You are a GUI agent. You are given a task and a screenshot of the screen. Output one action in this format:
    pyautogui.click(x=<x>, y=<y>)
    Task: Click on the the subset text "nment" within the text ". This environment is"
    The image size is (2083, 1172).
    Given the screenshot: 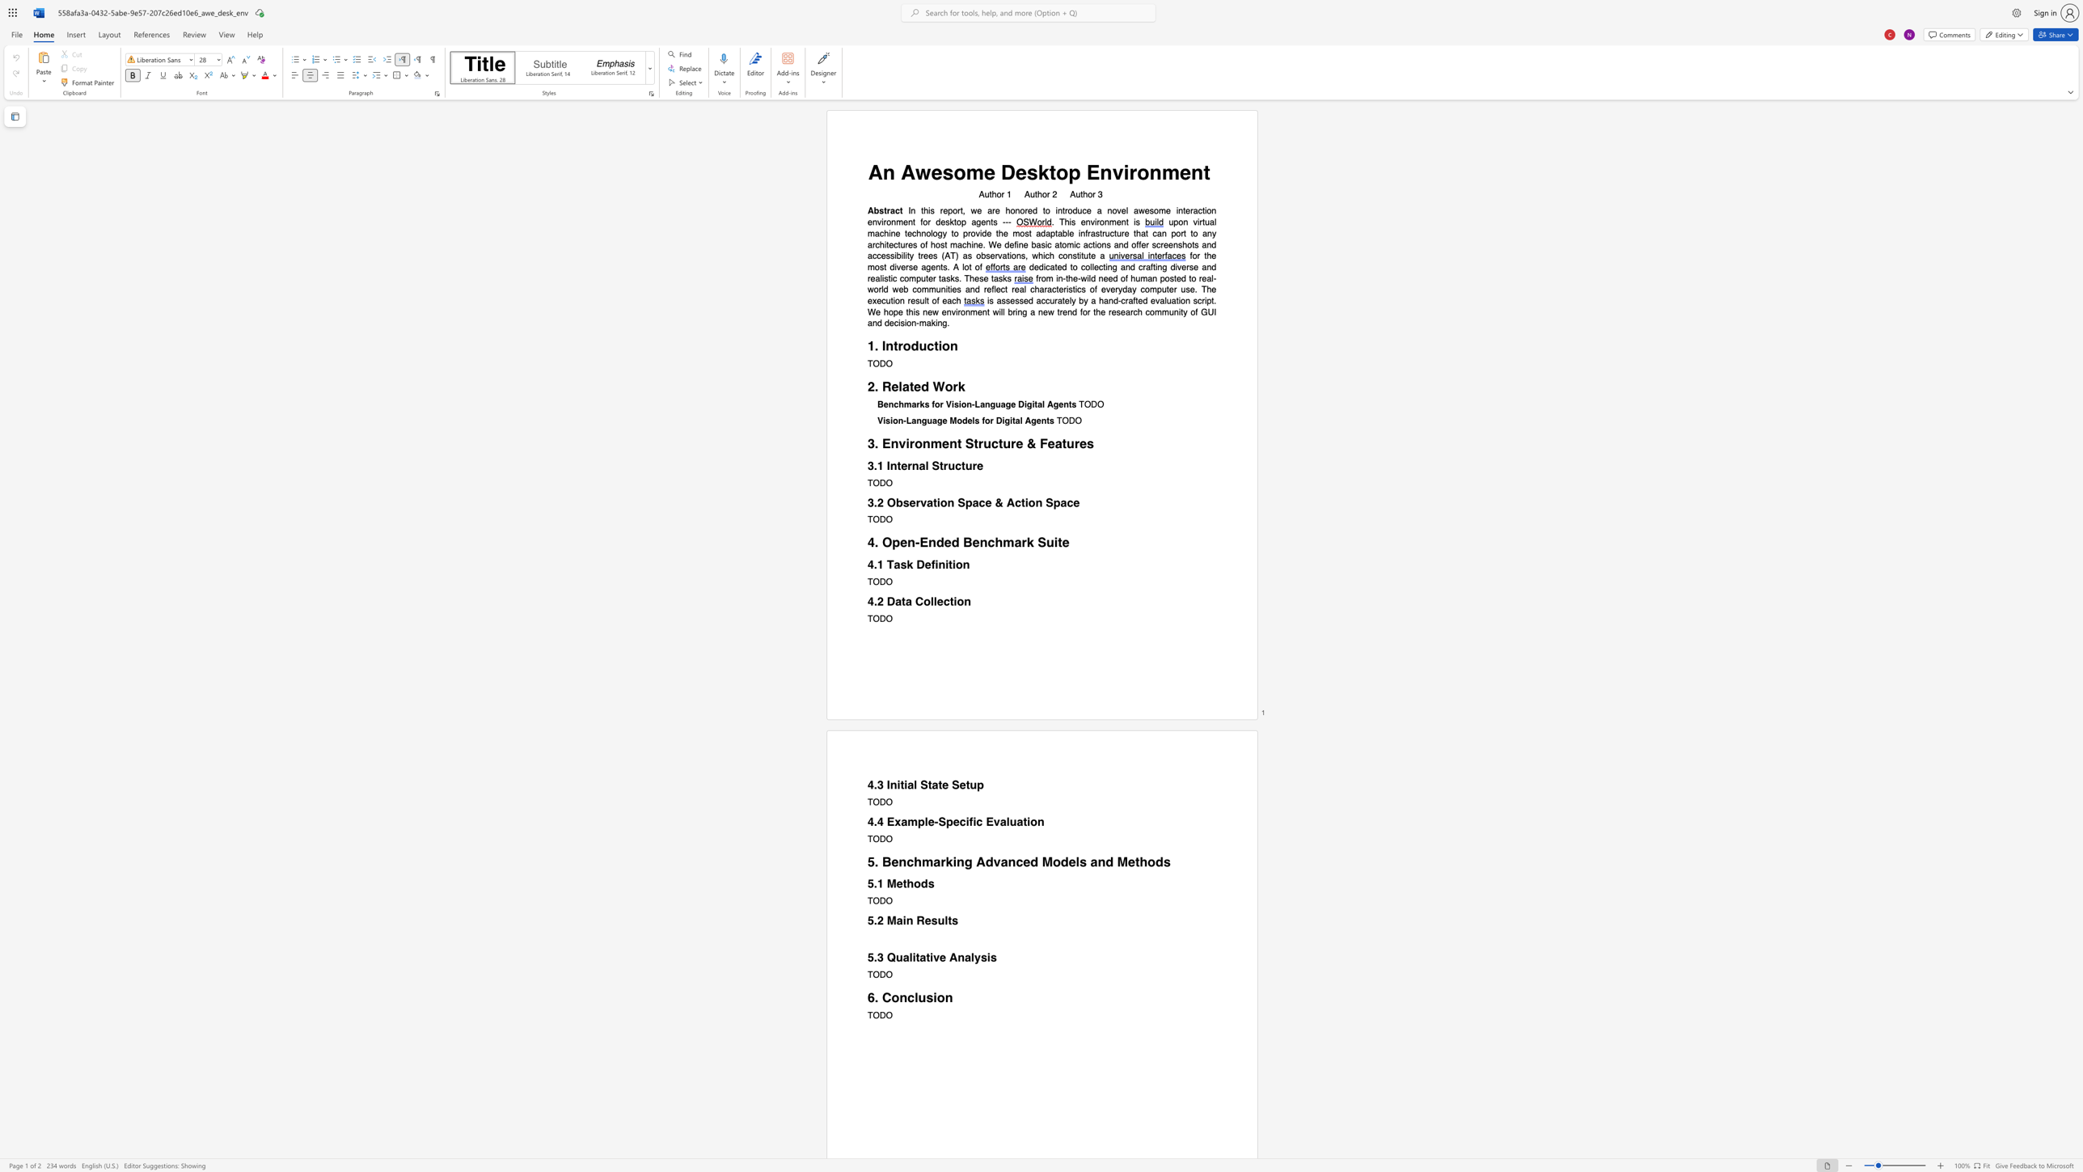 What is the action you would take?
    pyautogui.click(x=1104, y=222)
    